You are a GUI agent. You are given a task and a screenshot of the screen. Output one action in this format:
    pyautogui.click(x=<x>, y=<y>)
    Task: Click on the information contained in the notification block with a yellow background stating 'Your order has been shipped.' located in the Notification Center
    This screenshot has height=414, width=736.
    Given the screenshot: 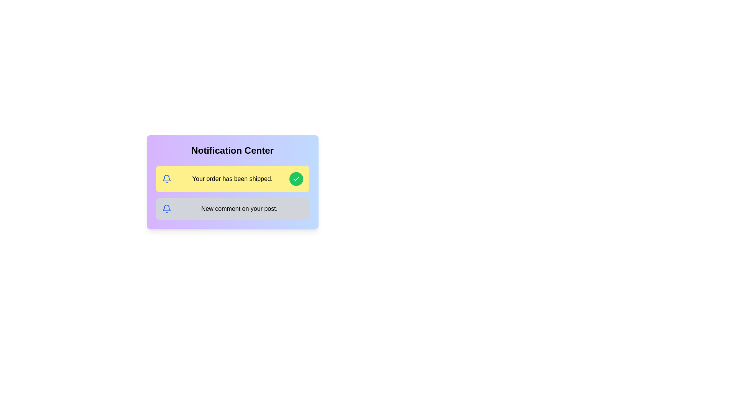 What is the action you would take?
    pyautogui.click(x=232, y=182)
    